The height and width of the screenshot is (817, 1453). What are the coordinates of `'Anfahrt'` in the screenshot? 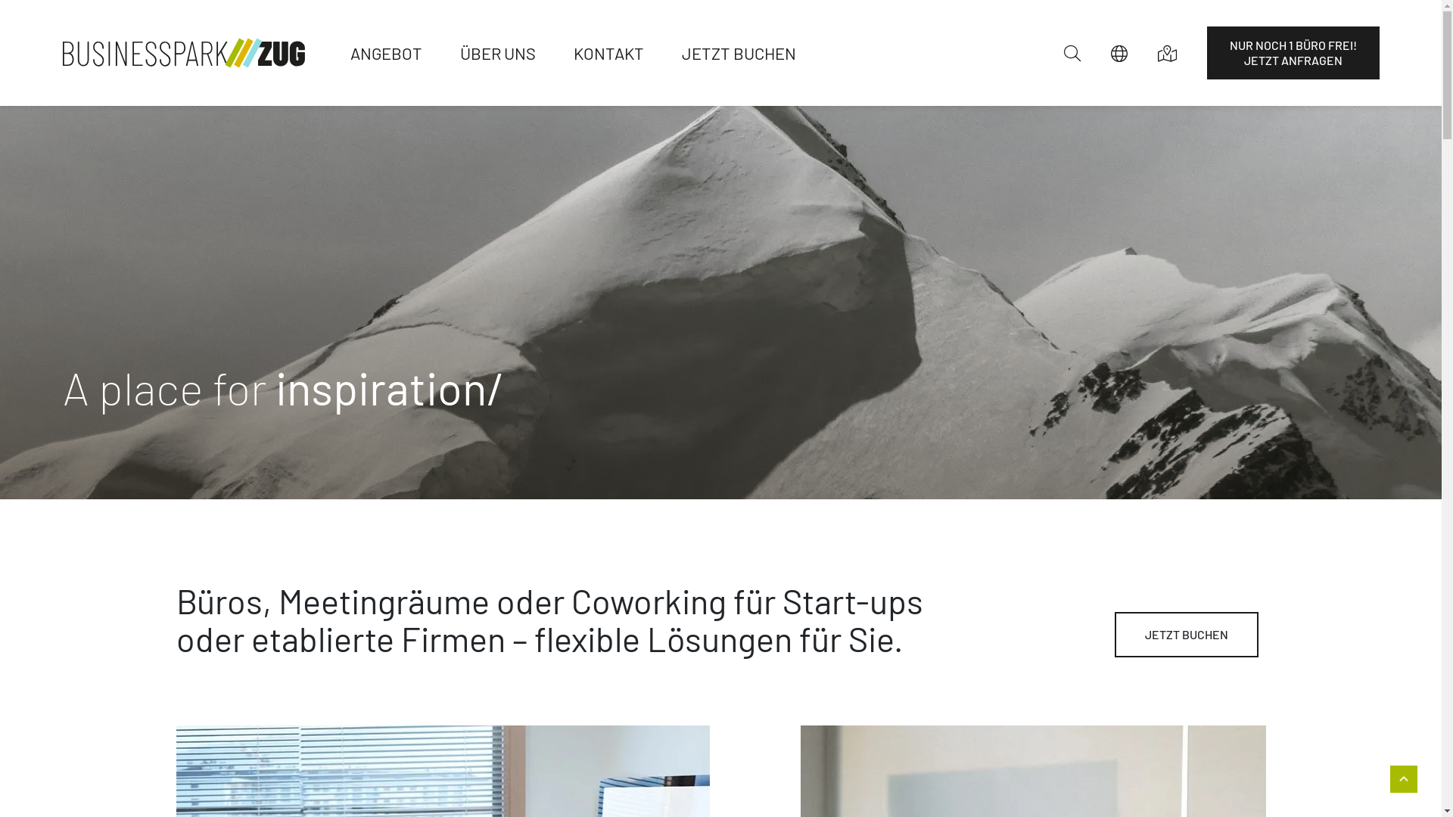 It's located at (1166, 52).